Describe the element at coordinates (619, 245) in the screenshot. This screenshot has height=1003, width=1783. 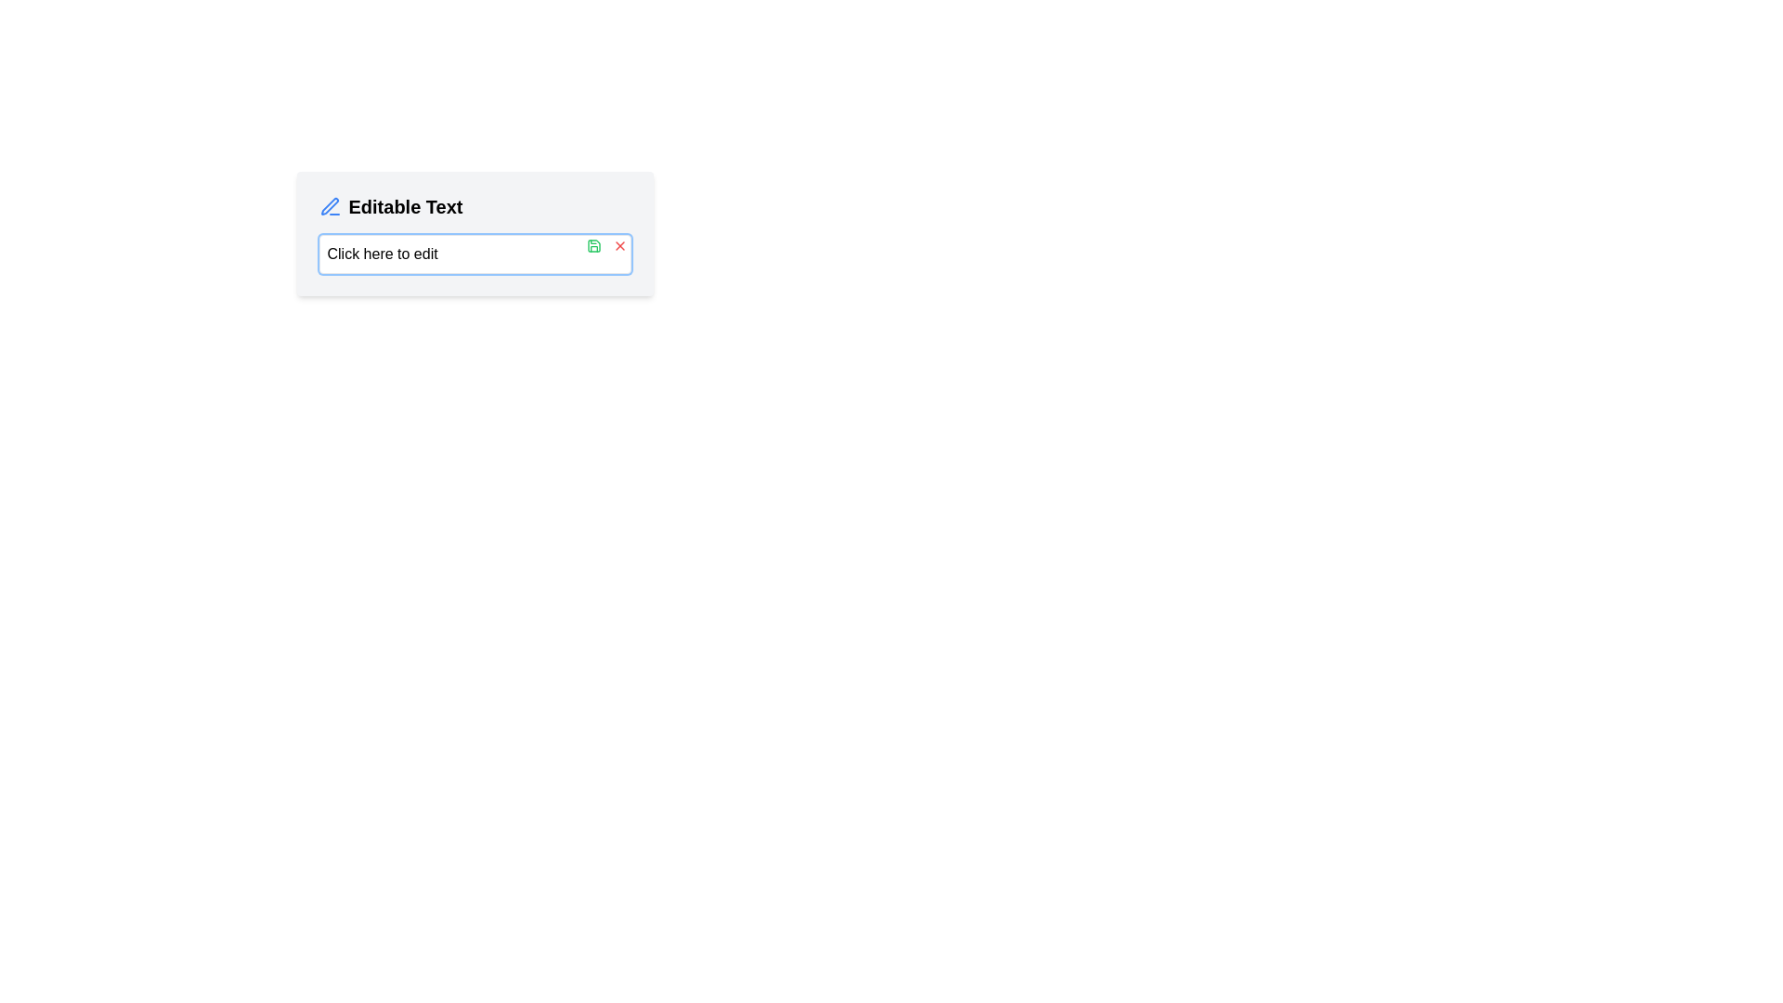
I see `the button with a rounded shape and a red 'X' icon located at the top-right corner of the input area labeled 'Editable Text'` at that location.